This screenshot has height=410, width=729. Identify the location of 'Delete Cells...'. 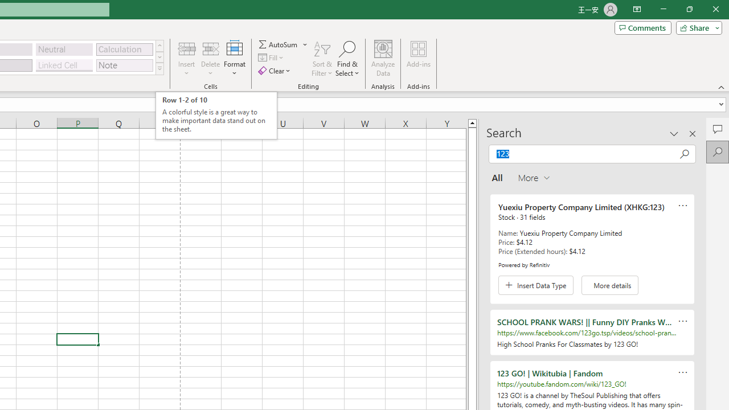
(210, 48).